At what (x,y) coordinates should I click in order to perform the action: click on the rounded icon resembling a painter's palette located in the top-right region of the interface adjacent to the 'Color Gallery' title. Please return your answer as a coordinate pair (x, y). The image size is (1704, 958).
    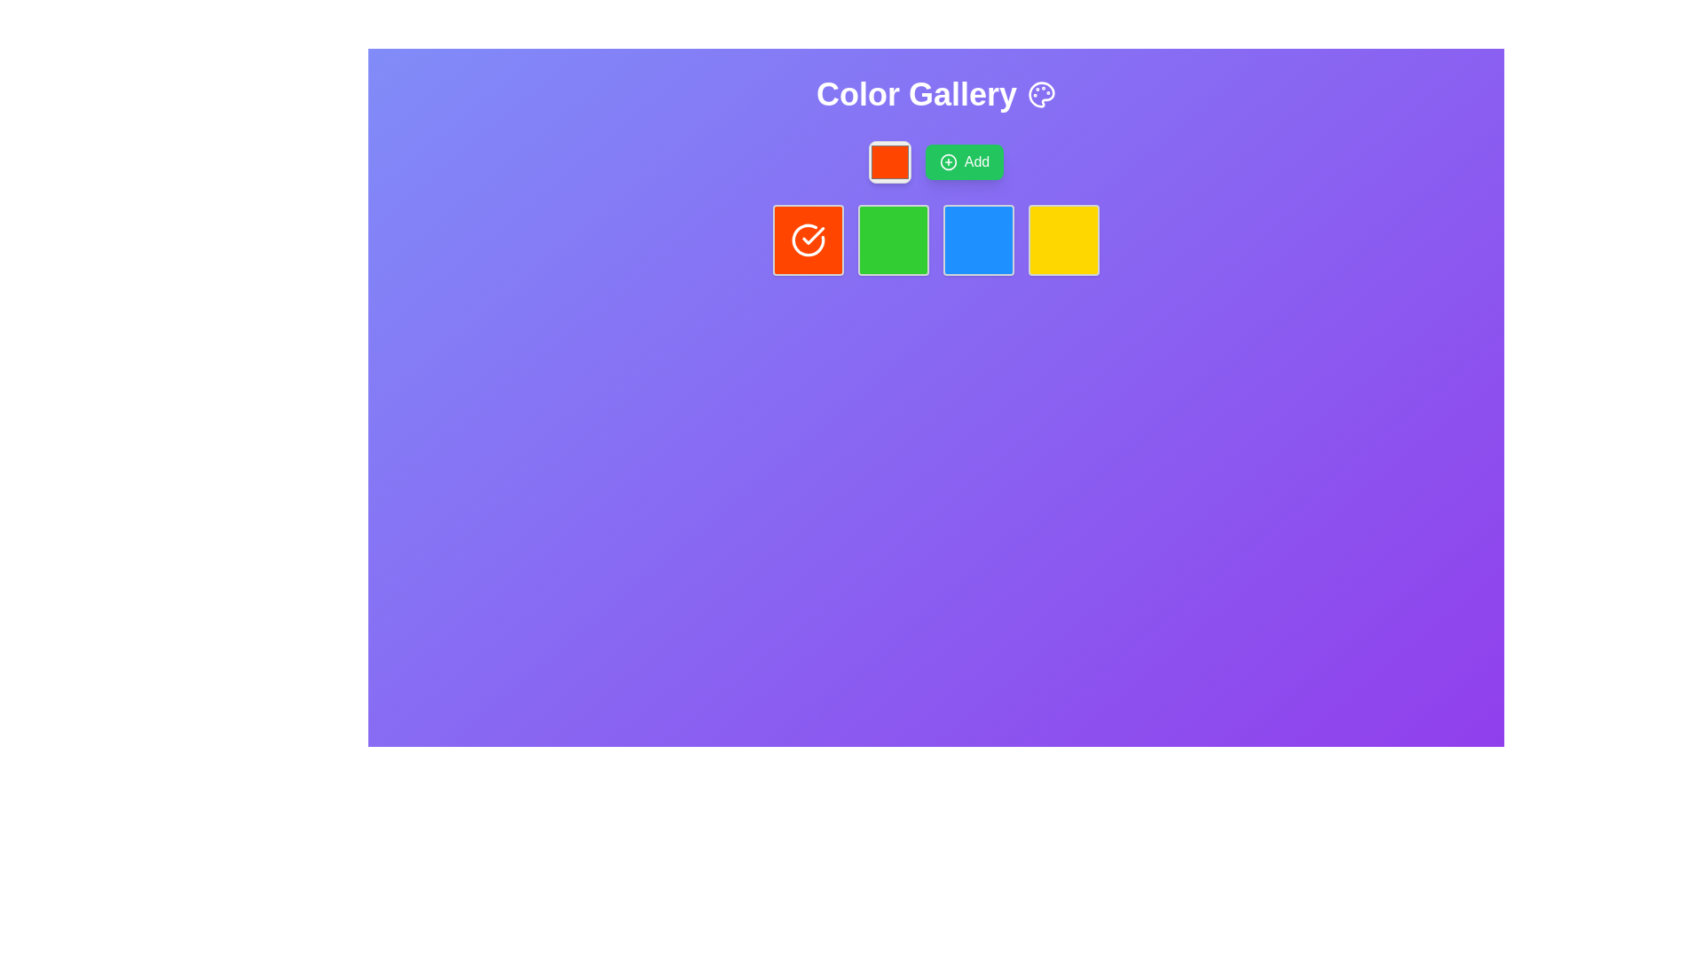
    Looking at the image, I should click on (1042, 95).